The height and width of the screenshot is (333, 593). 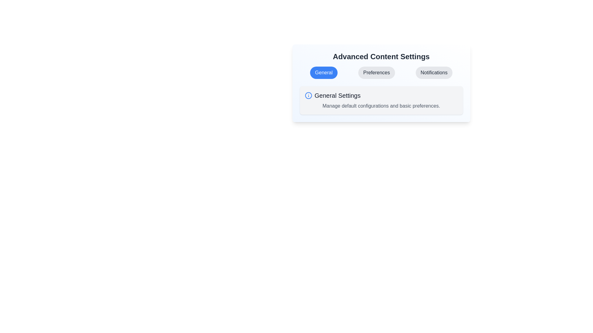 I want to click on the circular information icon with a blue outline located next to the text 'General Settings' in the 'Advanced Content Settings' section, so click(x=308, y=95).